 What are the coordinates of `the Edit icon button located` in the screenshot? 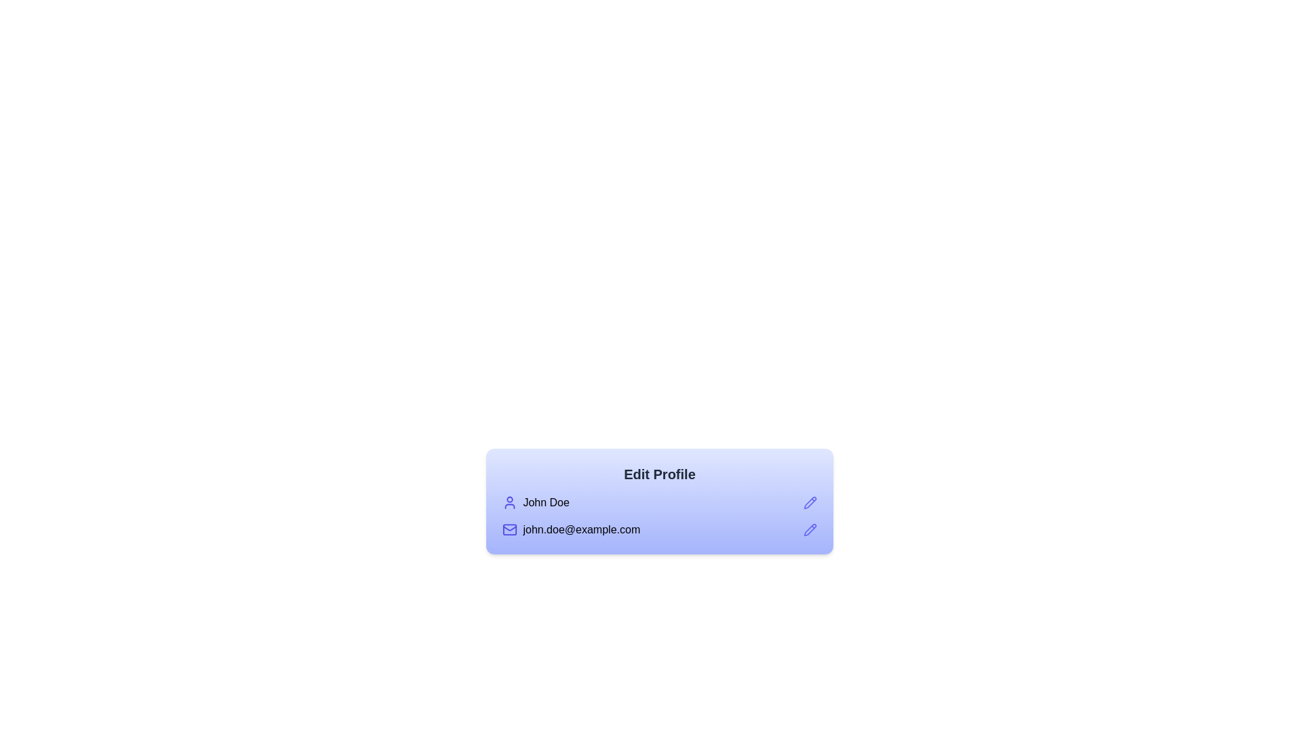 It's located at (810, 528).